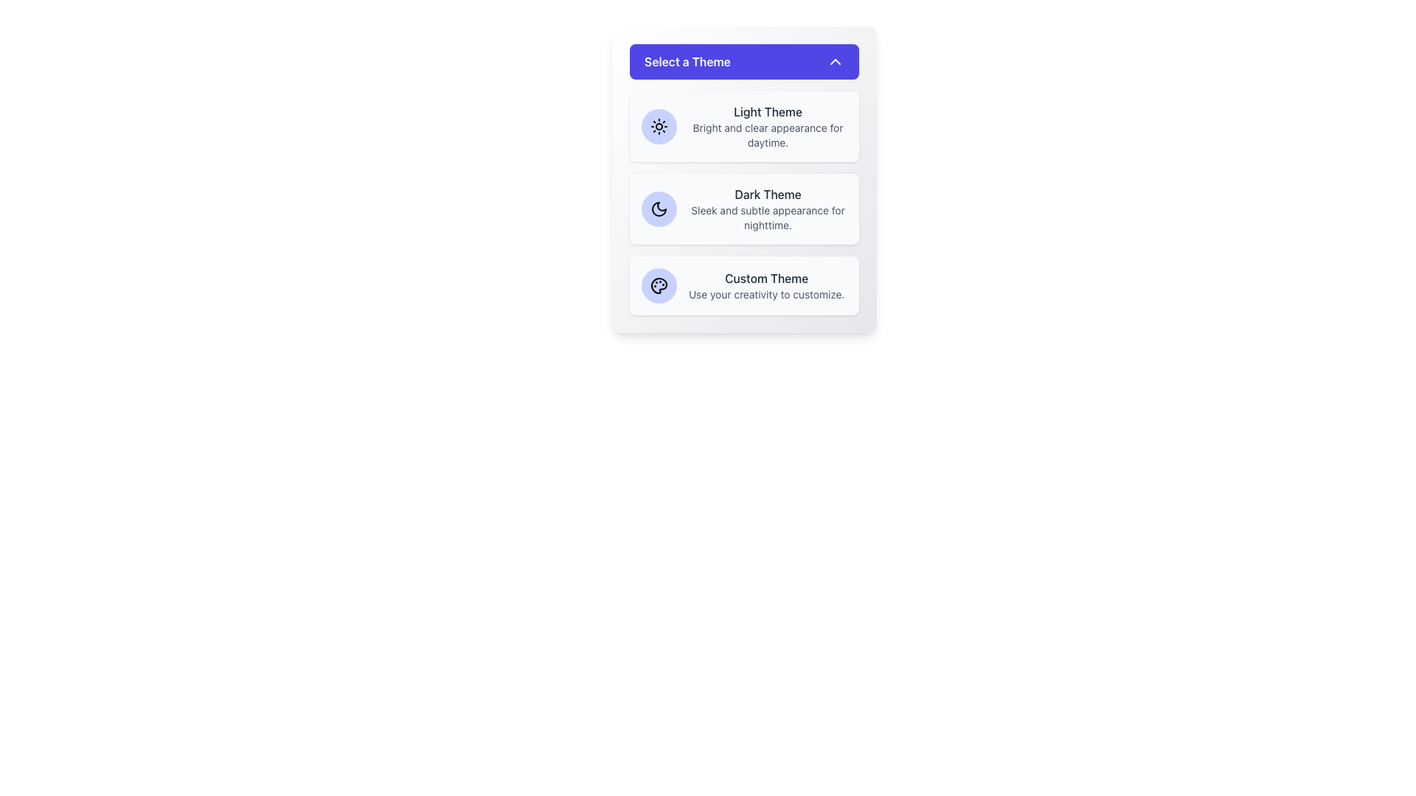  What do you see at coordinates (767, 126) in the screenshot?
I see `the descriptive text element labeled 'Light Theme', which features bold dark gray text and a smaller lighter gray subtitle, positioned beside a sun icon within a selectable card near the top of the options list` at bounding box center [767, 126].